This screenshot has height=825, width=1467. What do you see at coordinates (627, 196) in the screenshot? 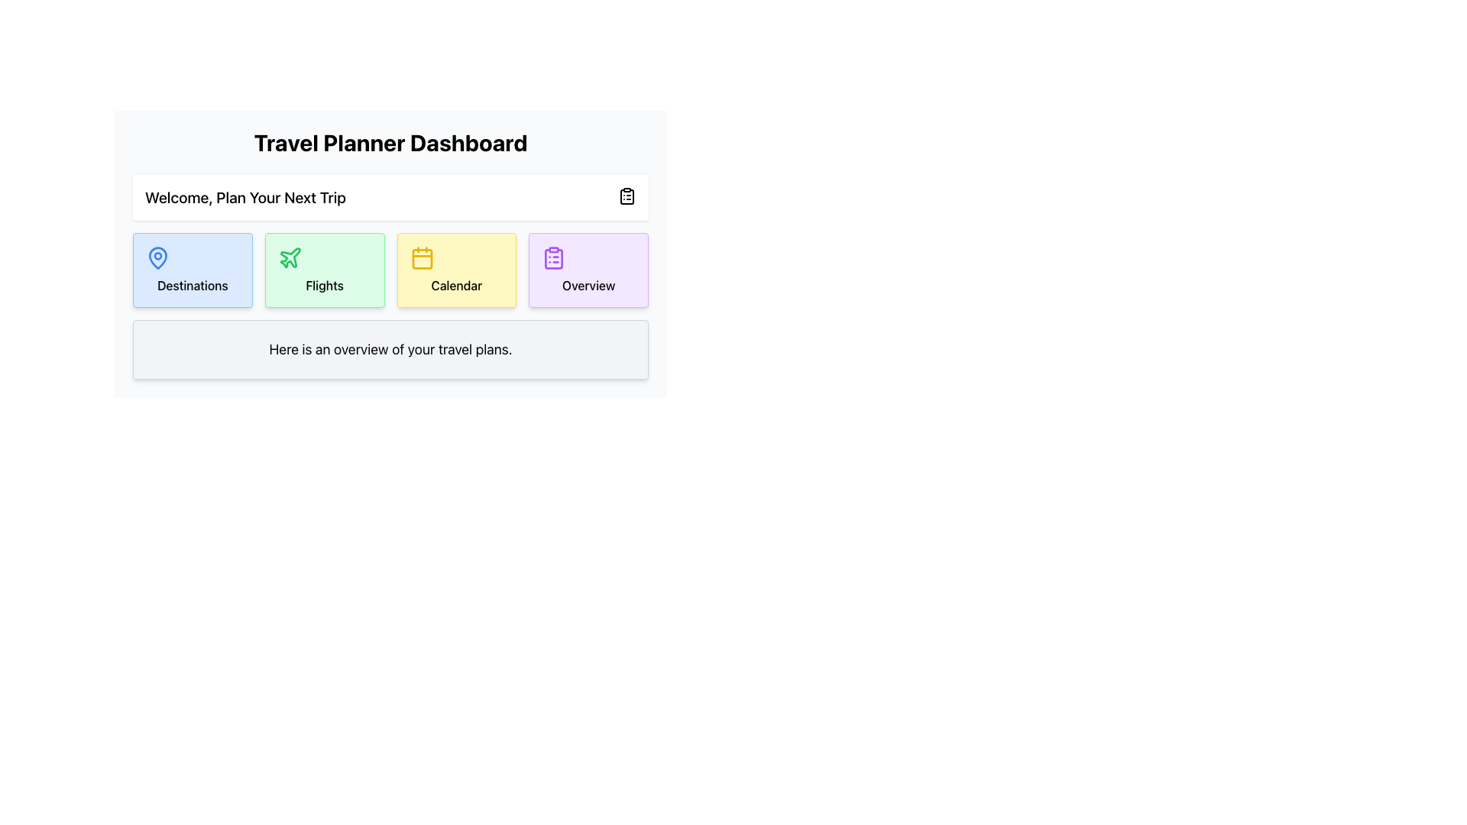
I see `the rectangular shape located vertically within the outlined clipboard icon in the top-right corner of the interface` at bounding box center [627, 196].